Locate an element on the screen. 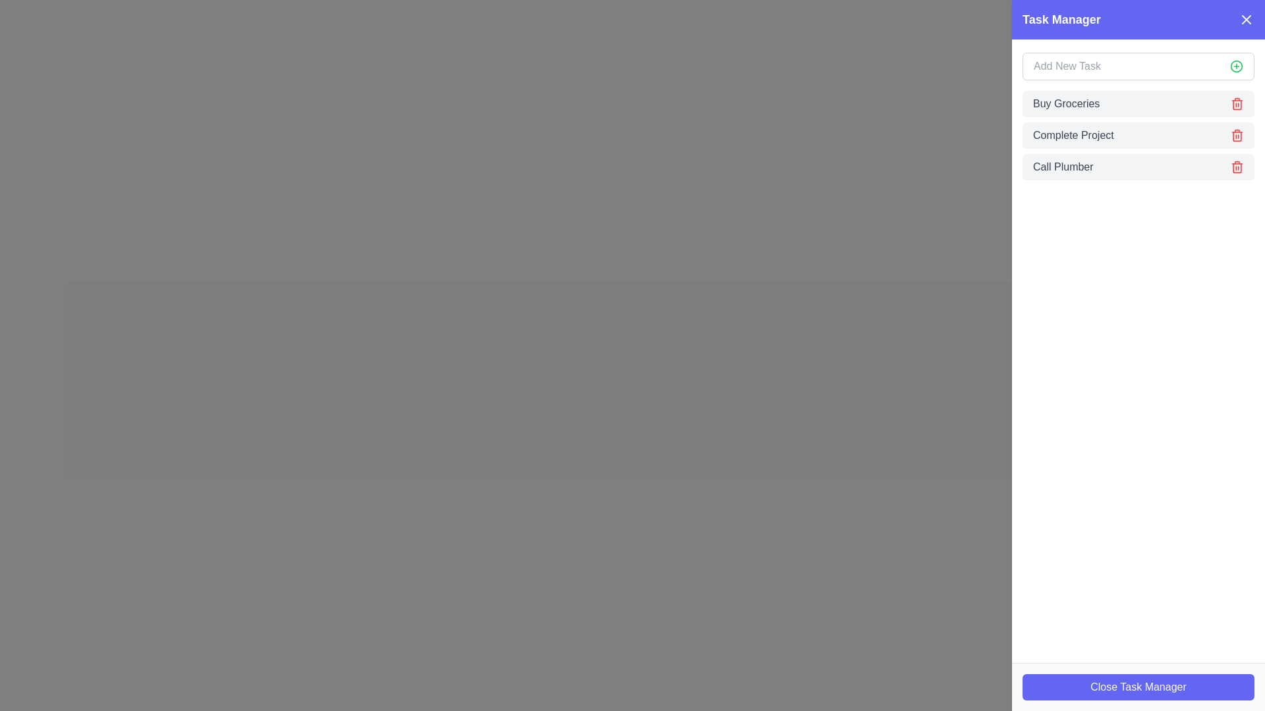  the red trash bin icon representing the deletion action for the task item labeled 'Buy Groceries' is located at coordinates (1236, 103).